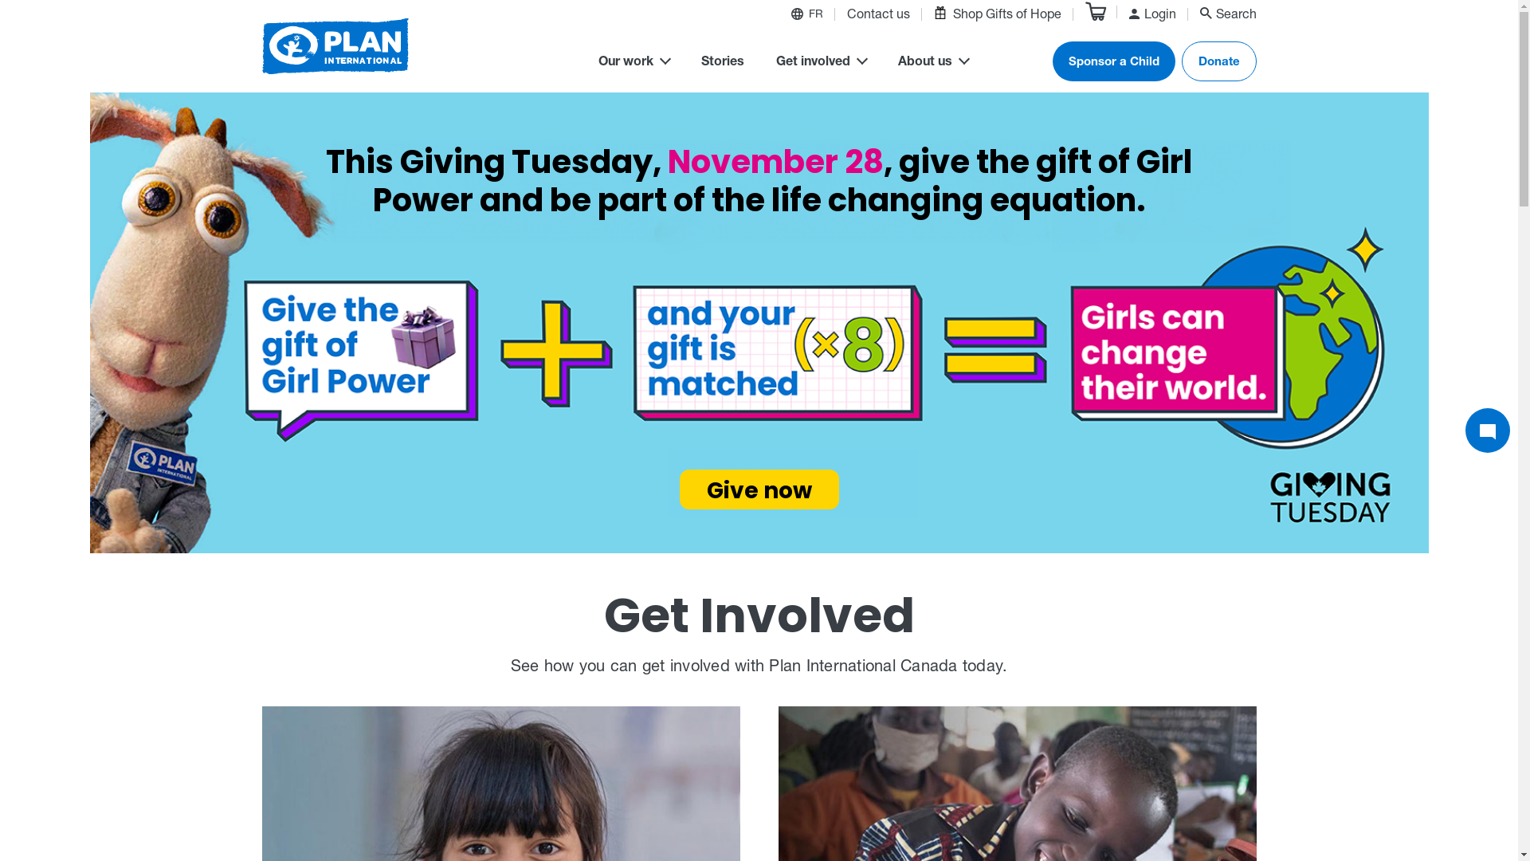  I want to click on 'Donate', so click(1218, 61).